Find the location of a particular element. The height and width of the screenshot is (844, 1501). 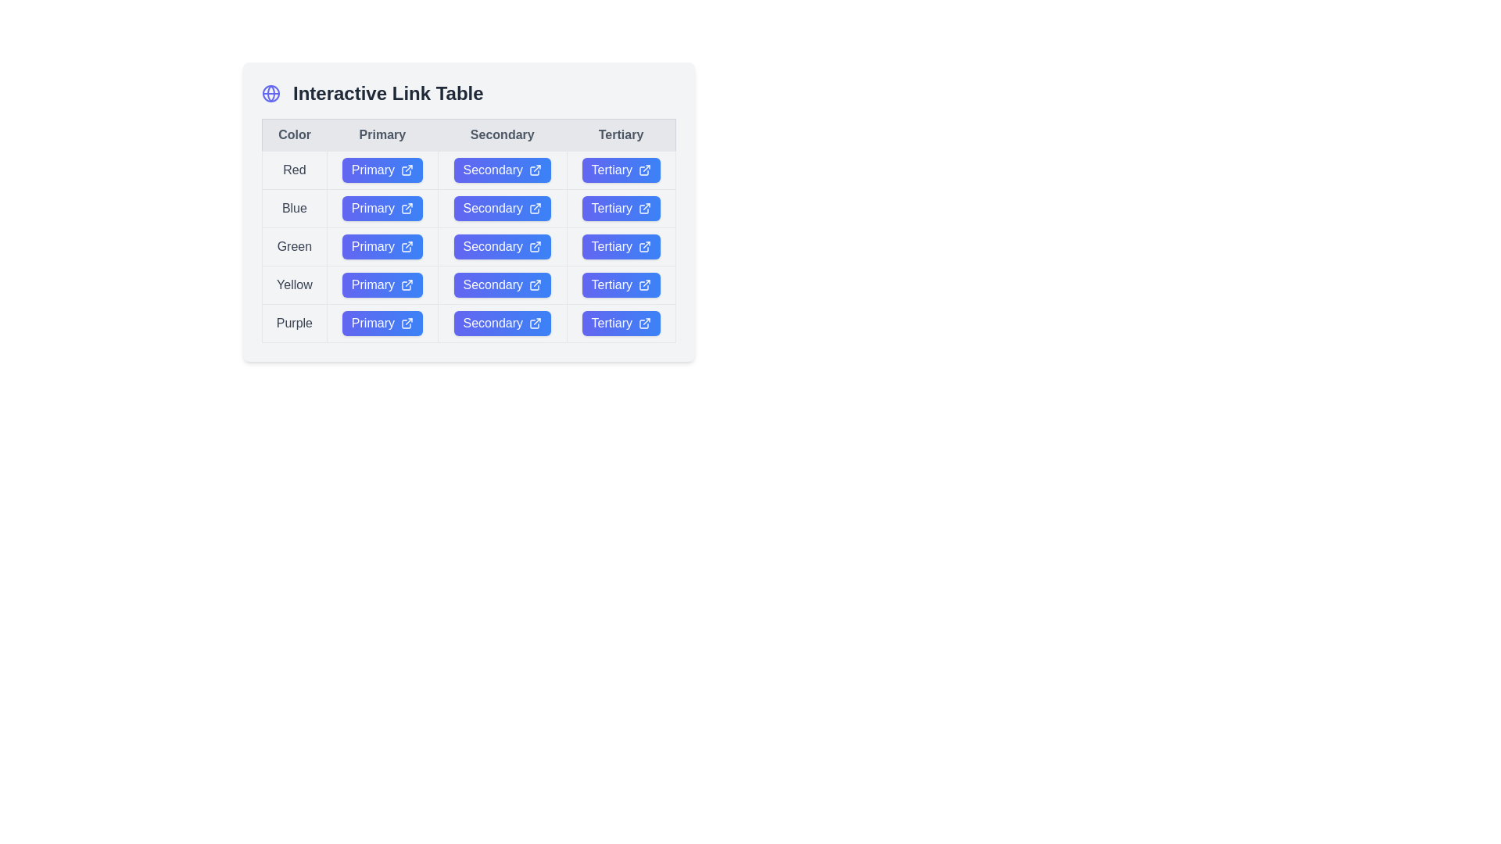

the text label displaying 'Primary' in white font, located in the second row of the table under the column labeled 'Primary' is located at coordinates (372, 207).